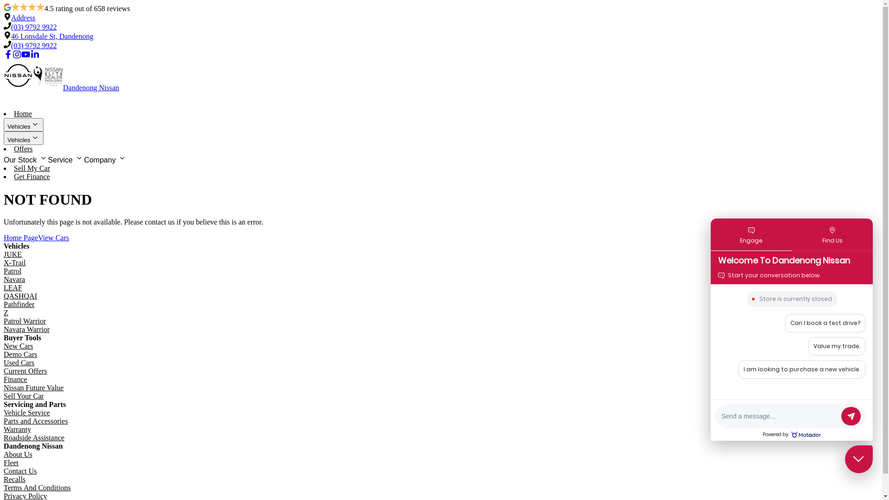  I want to click on 'Patrol Warrior', so click(4, 320).